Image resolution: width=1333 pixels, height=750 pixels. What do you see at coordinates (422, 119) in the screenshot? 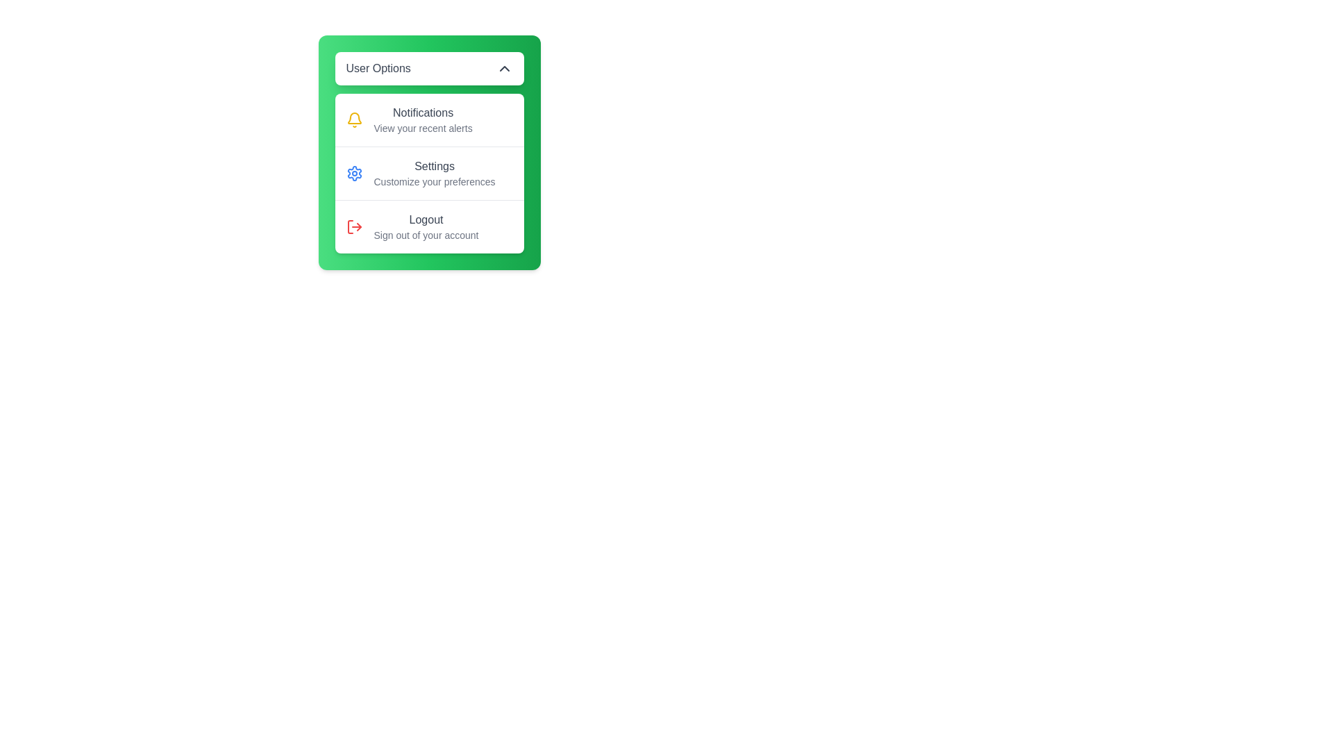
I see `the 'Notifications' text element, which is the first option under 'User Options' in the vertically stacked menu interface` at bounding box center [422, 119].